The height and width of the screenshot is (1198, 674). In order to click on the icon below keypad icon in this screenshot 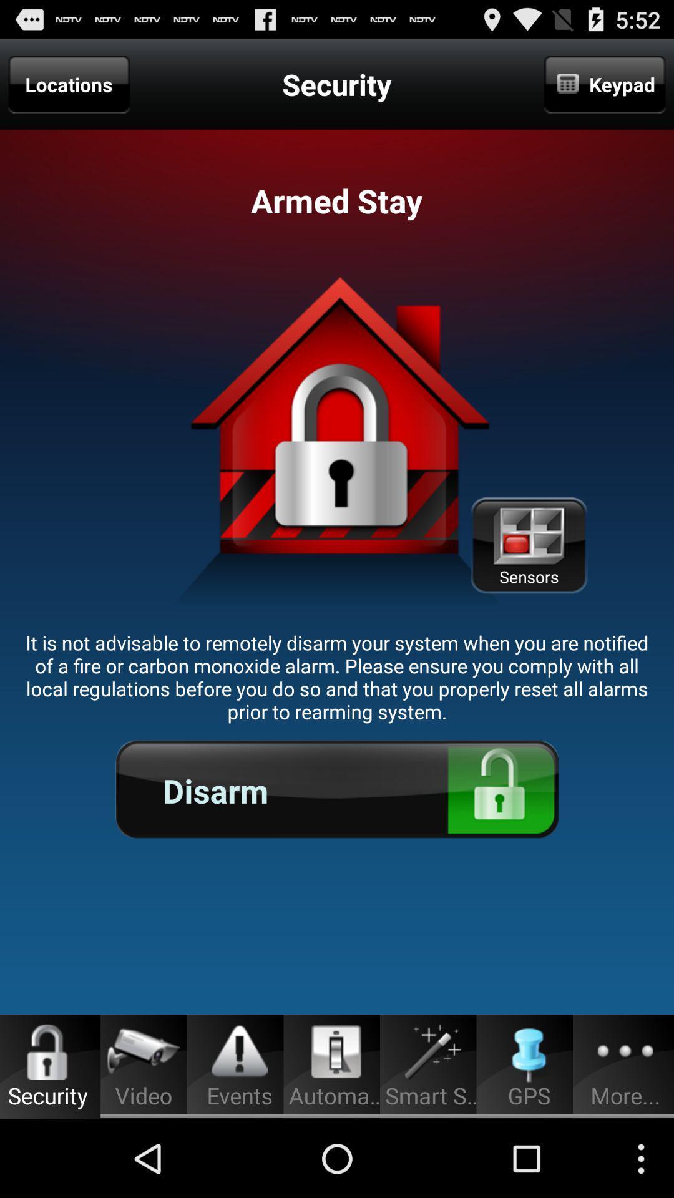, I will do `click(529, 545)`.